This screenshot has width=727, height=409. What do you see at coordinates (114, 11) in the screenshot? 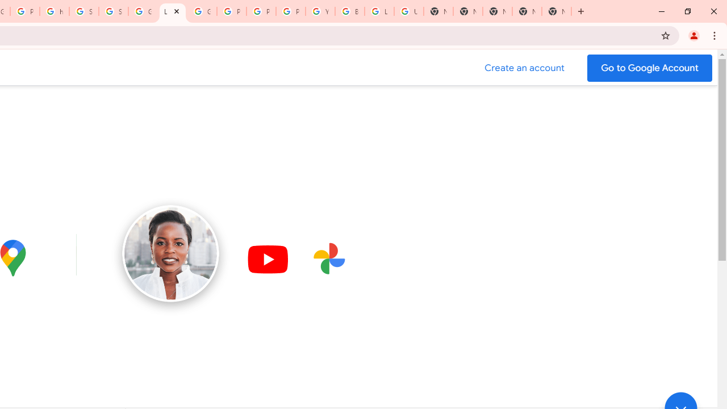
I see `'Sign in - Google Accounts'` at bounding box center [114, 11].